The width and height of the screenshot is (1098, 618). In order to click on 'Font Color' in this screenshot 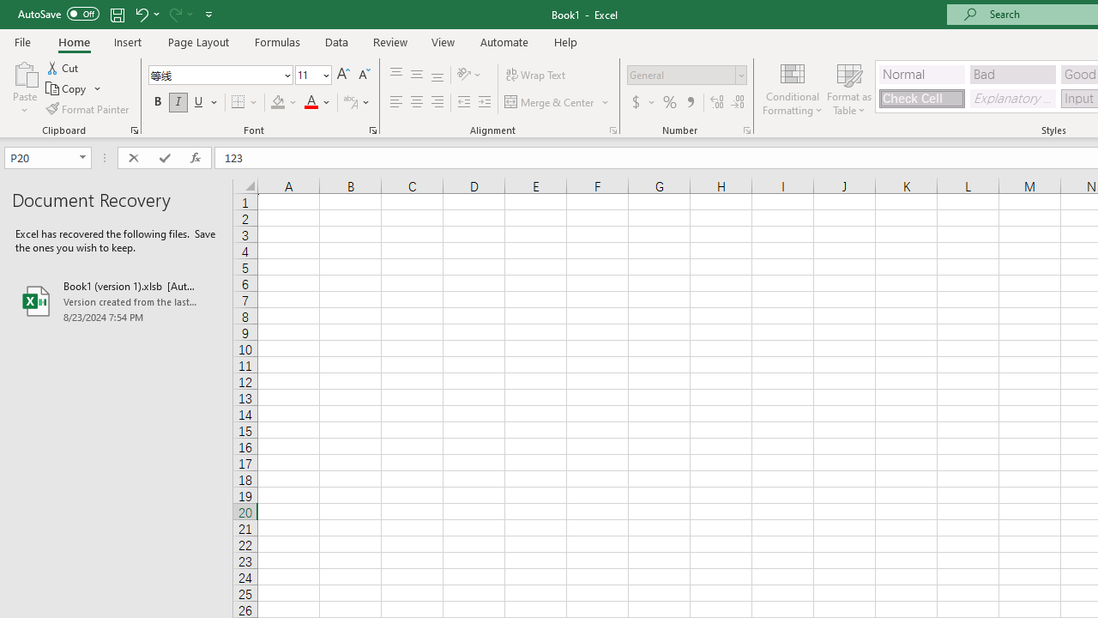, I will do `click(317, 102)`.